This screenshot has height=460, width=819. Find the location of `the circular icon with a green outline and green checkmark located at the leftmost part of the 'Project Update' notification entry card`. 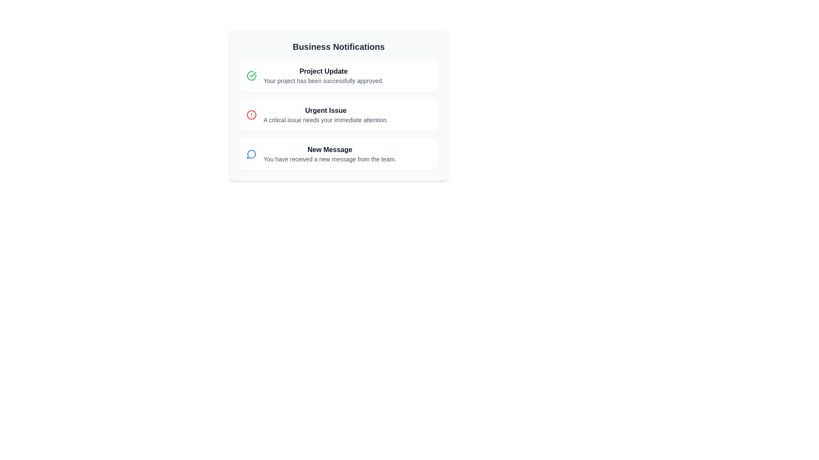

the circular icon with a green outline and green checkmark located at the leftmost part of the 'Project Update' notification entry card is located at coordinates (251, 75).